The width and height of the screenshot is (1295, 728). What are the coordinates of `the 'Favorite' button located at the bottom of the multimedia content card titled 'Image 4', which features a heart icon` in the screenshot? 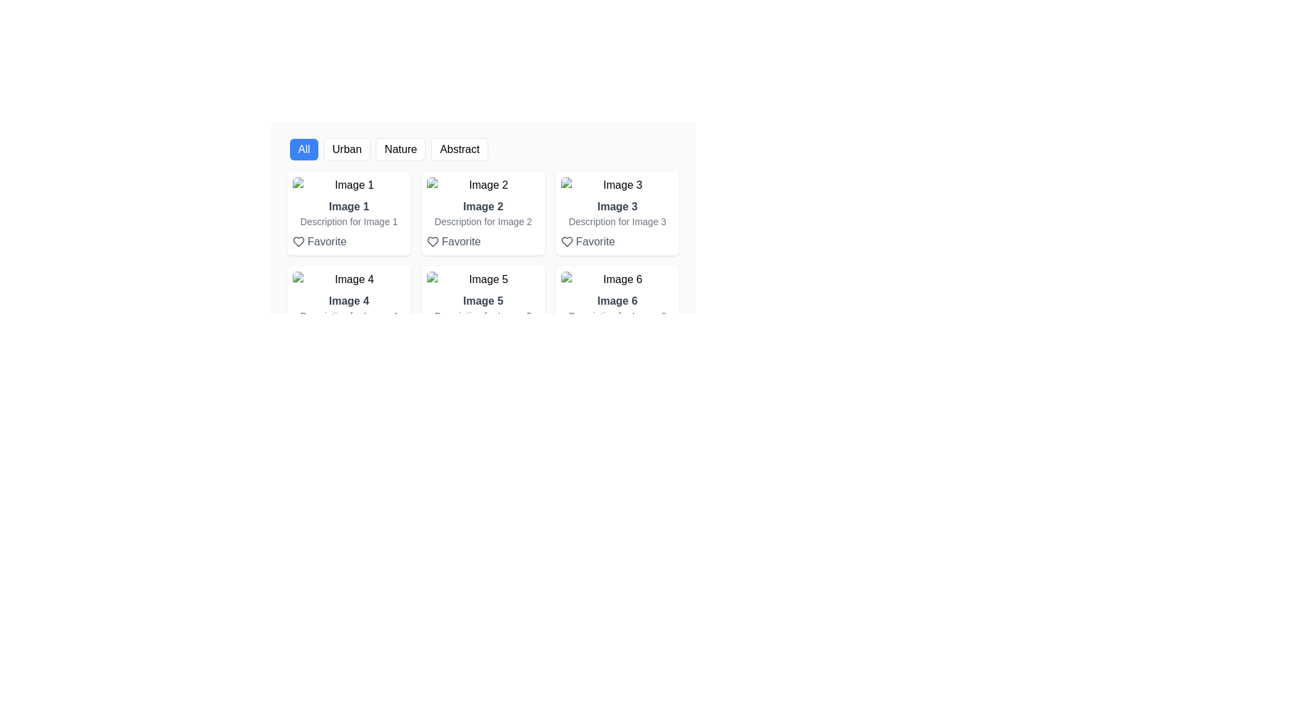 It's located at (349, 319).